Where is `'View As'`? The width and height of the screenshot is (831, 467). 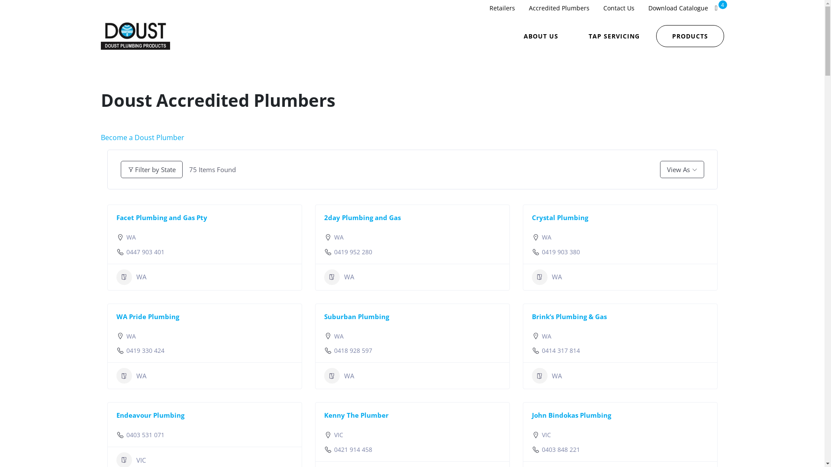 'View As' is located at coordinates (681, 170).